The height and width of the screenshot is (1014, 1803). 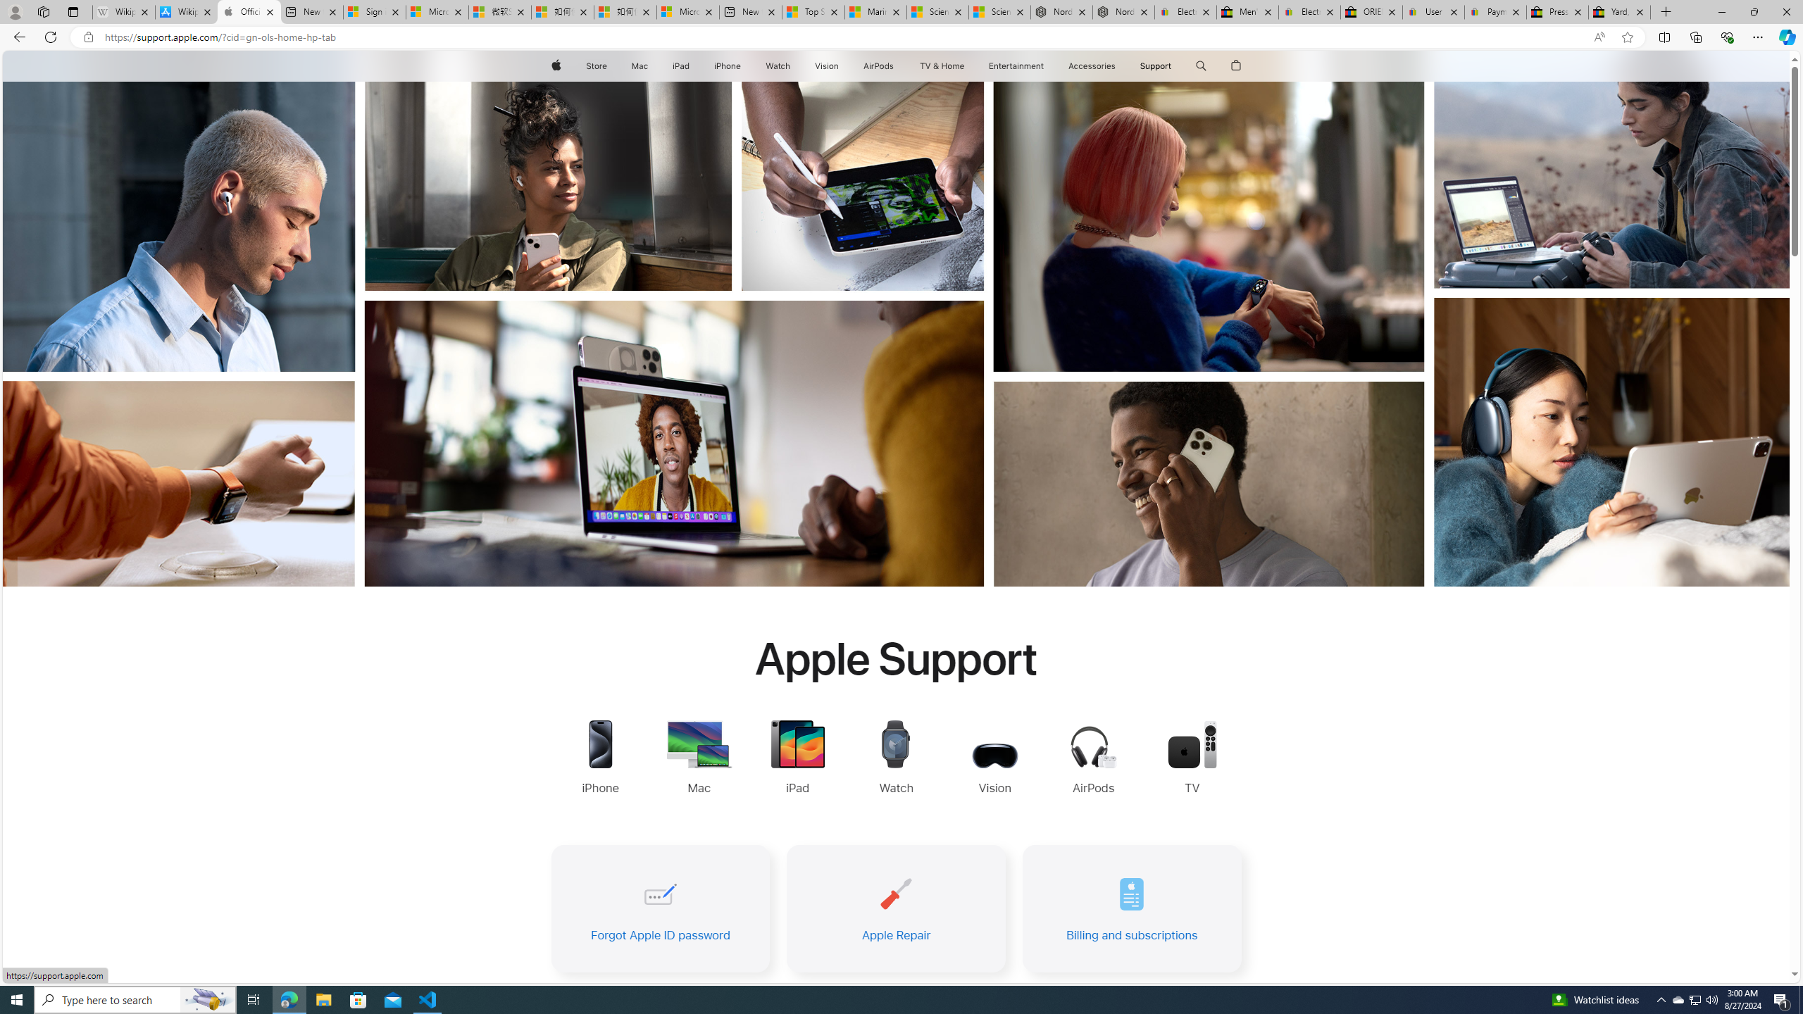 I want to click on 'Nordace - Summer Adventures 2024', so click(x=1123, y=11).